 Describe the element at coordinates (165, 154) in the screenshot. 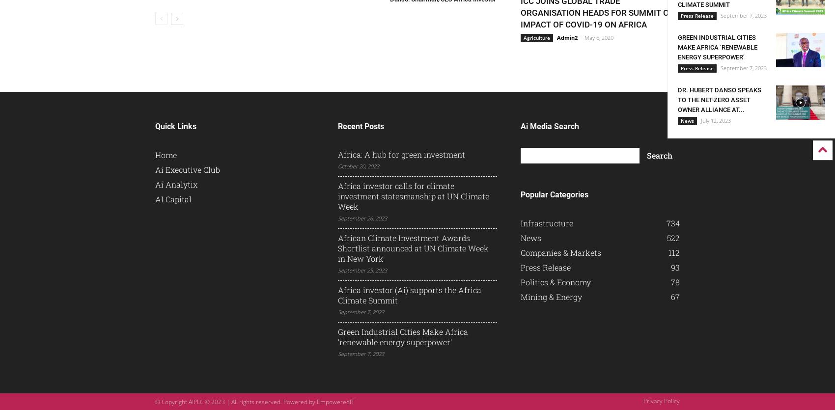

I see `'Home'` at that location.